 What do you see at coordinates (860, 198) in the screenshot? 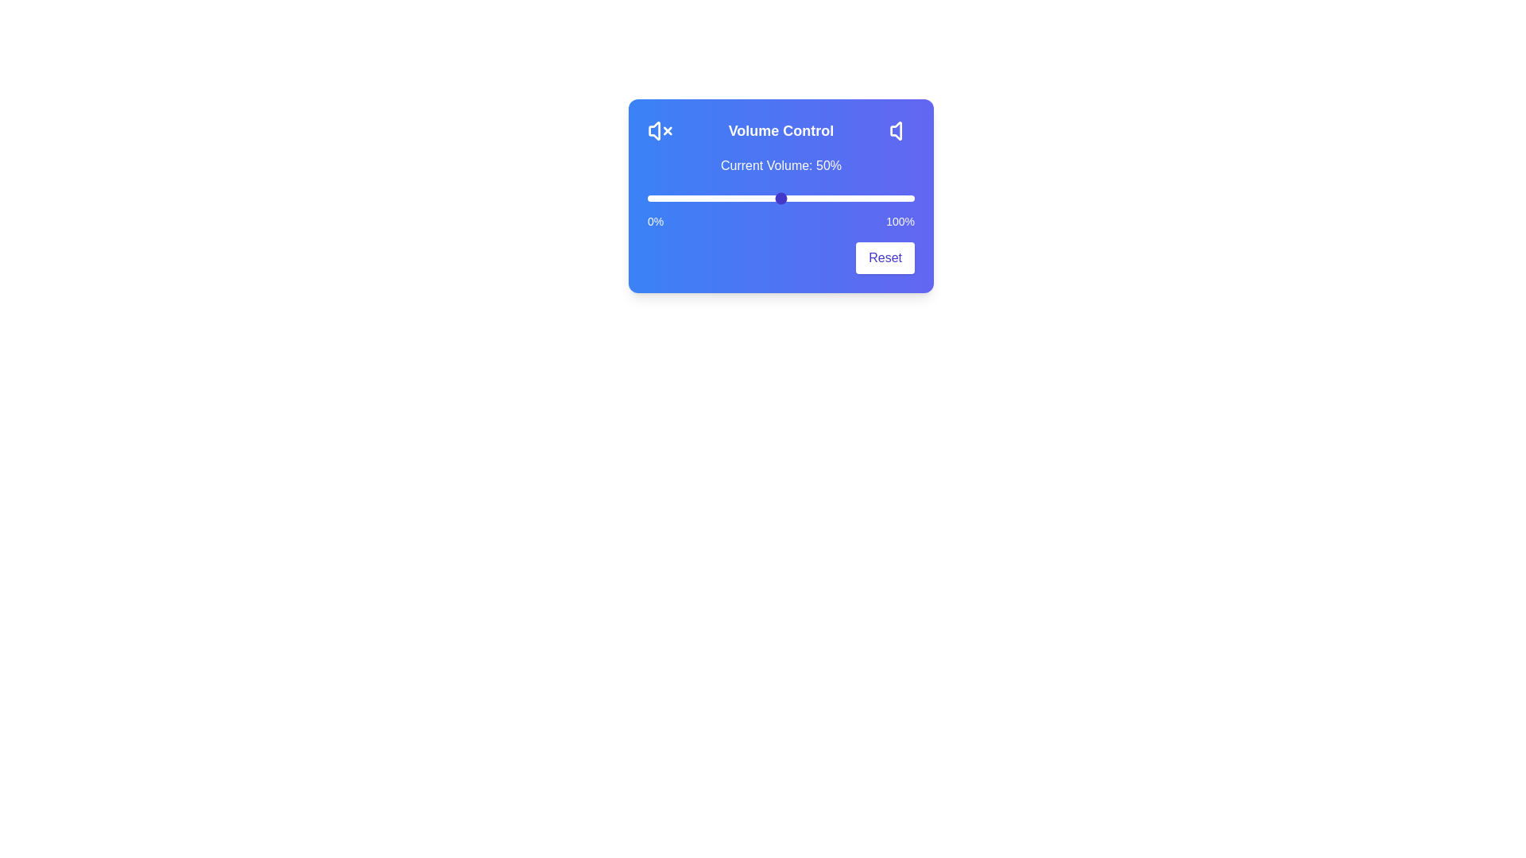
I see `the volume slider to 80%` at bounding box center [860, 198].